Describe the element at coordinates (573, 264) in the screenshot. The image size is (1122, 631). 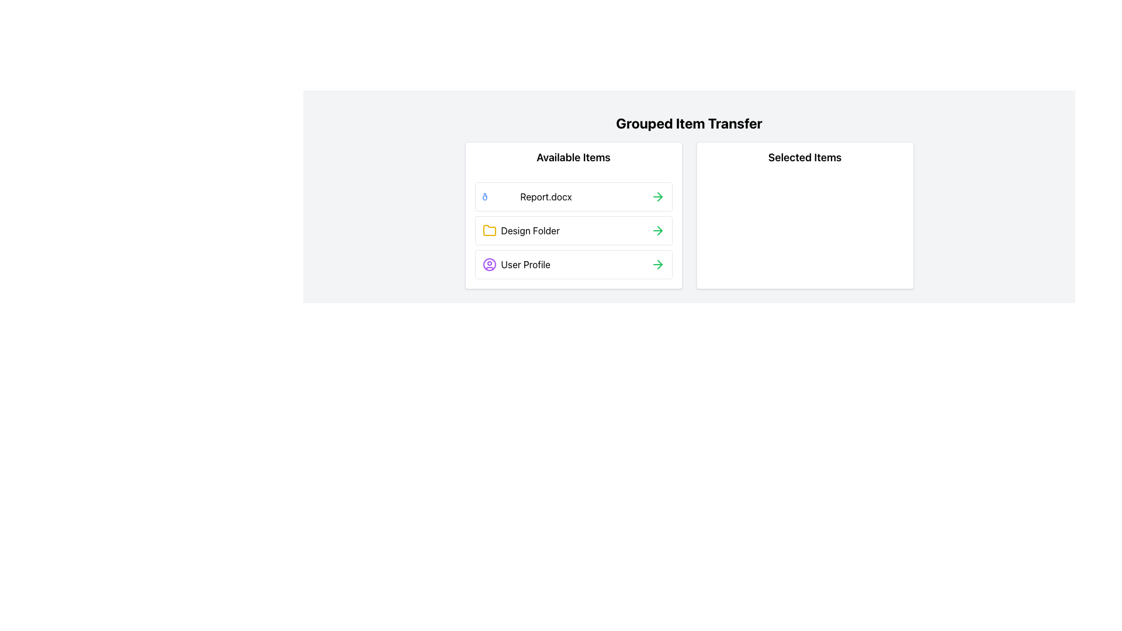
I see `the user profile item in the 'Available Items' section` at that location.